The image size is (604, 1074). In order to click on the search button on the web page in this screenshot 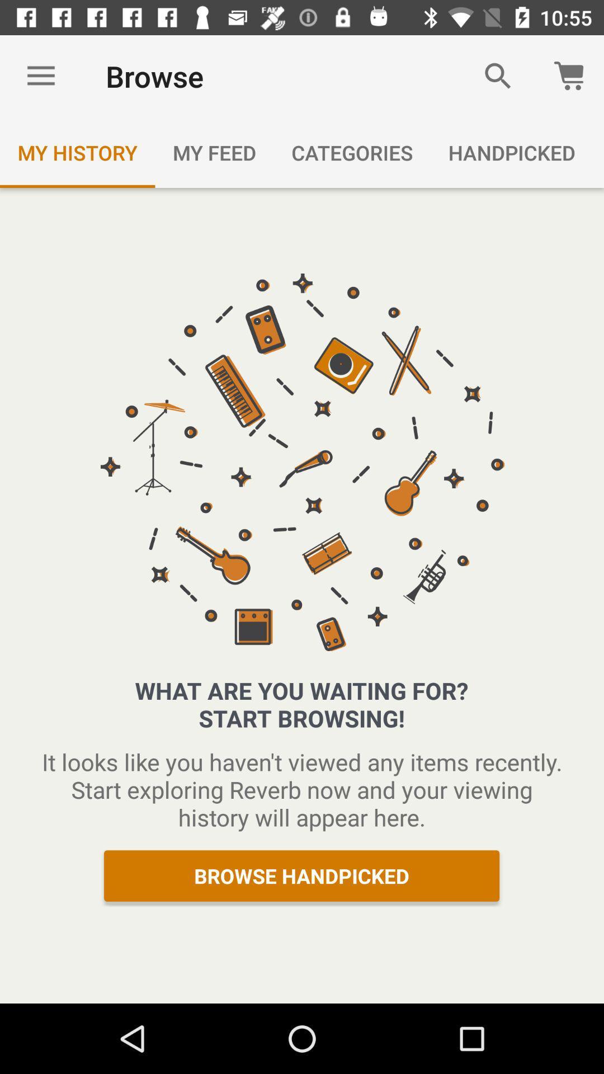, I will do `click(498, 76)`.